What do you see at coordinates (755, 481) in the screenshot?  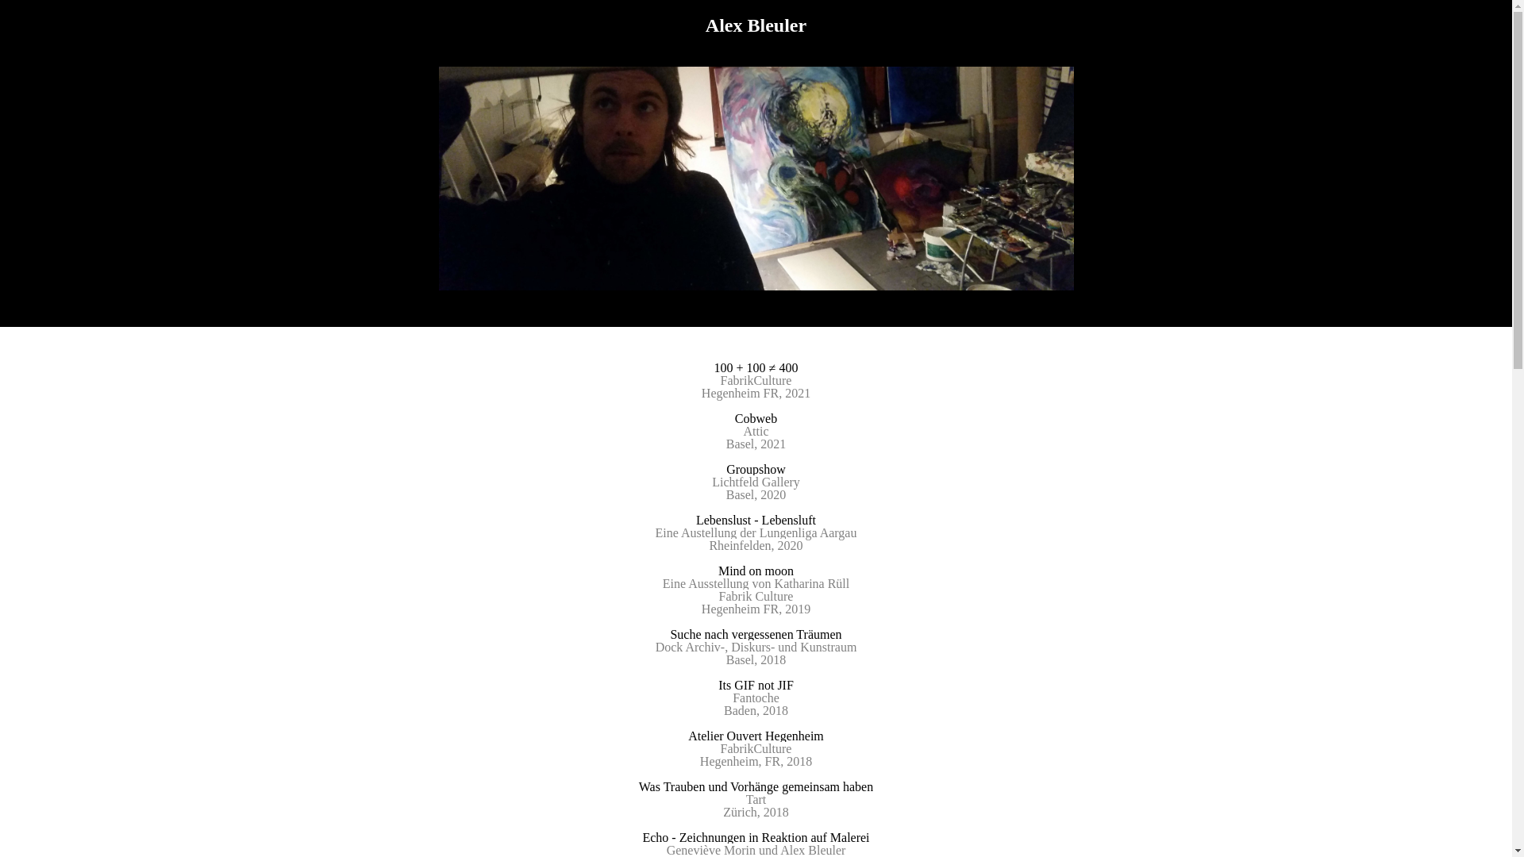 I see `'Lichtfeld Gallery'` at bounding box center [755, 481].